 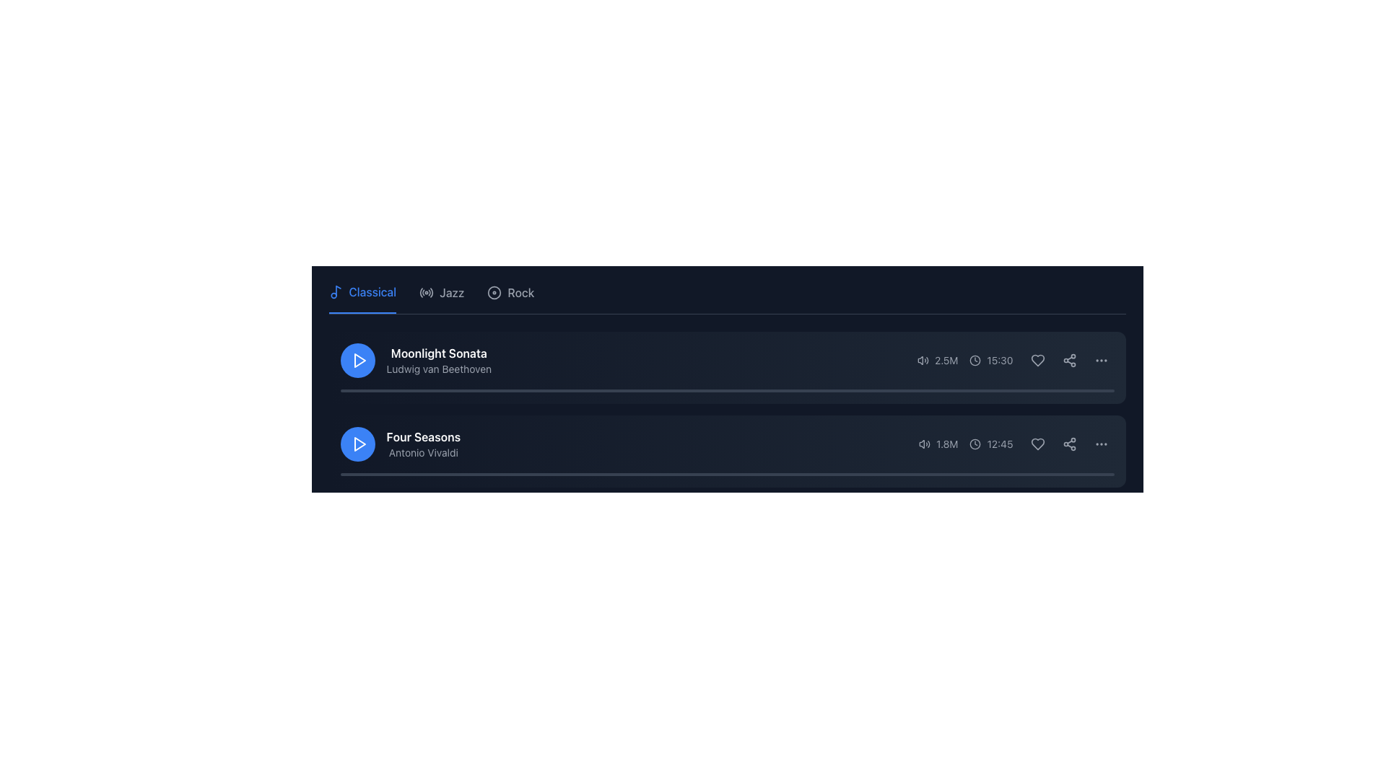 I want to click on the Text label indicating the numeric value for listens or views, positioned at the far-right end of the second row in the playlist interface, so click(x=947, y=444).